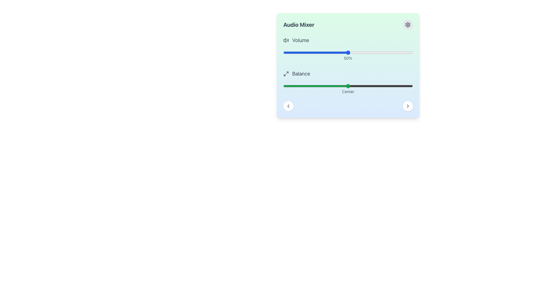 The image size is (536, 301). What do you see at coordinates (348, 86) in the screenshot?
I see `balance` at bounding box center [348, 86].